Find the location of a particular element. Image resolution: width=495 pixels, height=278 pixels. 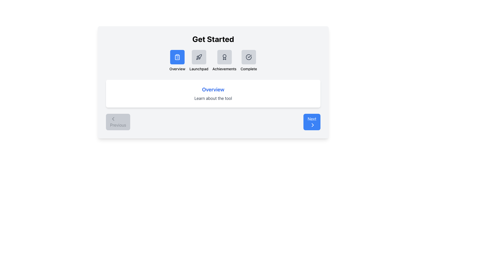

the third icon in the horizontal list under the 'Get Started' header, which is a decorative icon with a medal-like graphic is located at coordinates (224, 57).